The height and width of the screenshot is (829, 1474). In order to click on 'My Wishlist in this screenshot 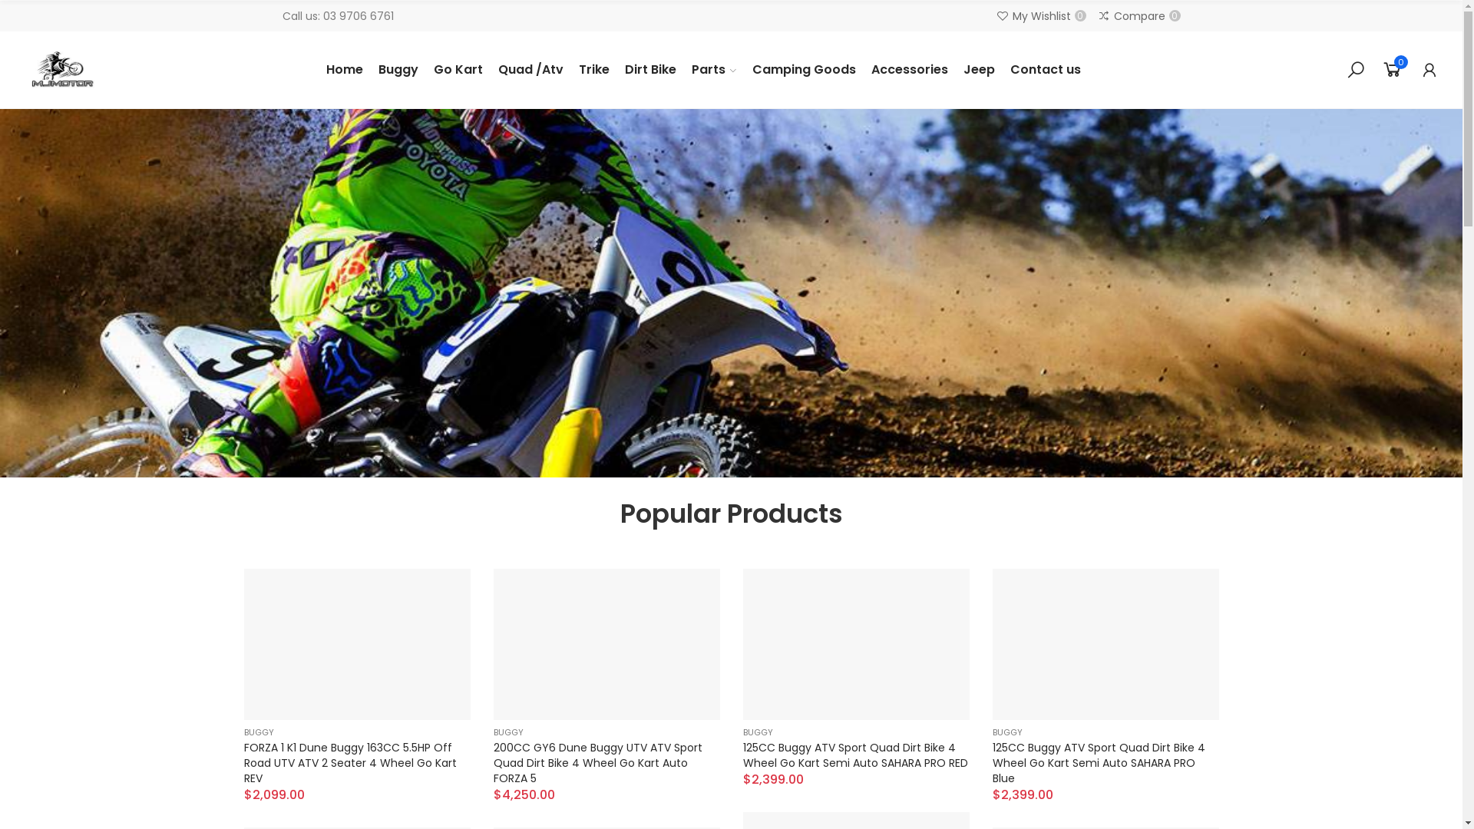, I will do `click(996, 15)`.